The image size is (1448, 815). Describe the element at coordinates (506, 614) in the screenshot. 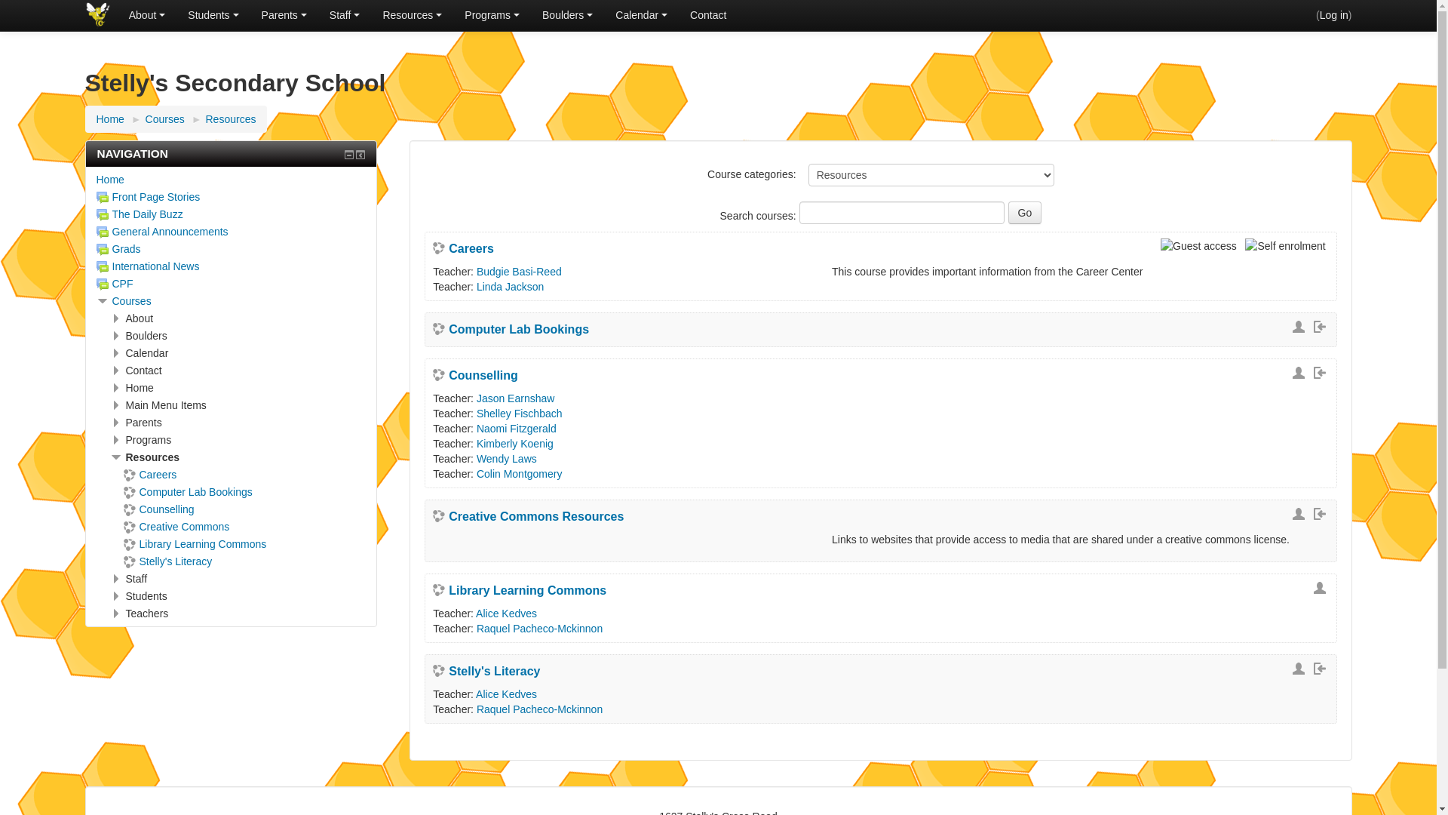

I see `'Alice Kedves'` at that location.